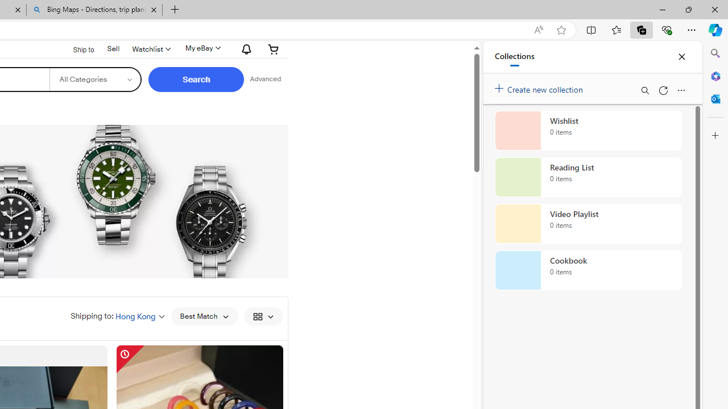  I want to click on 'Advanced Search', so click(265, 79).